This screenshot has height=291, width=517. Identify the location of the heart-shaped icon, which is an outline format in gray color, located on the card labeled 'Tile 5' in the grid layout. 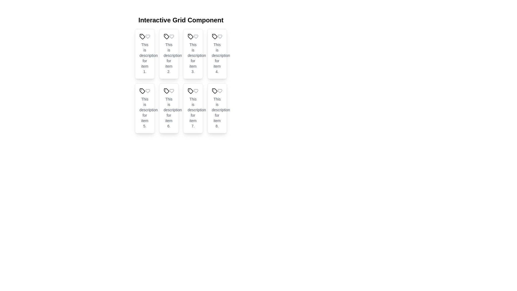
(148, 91).